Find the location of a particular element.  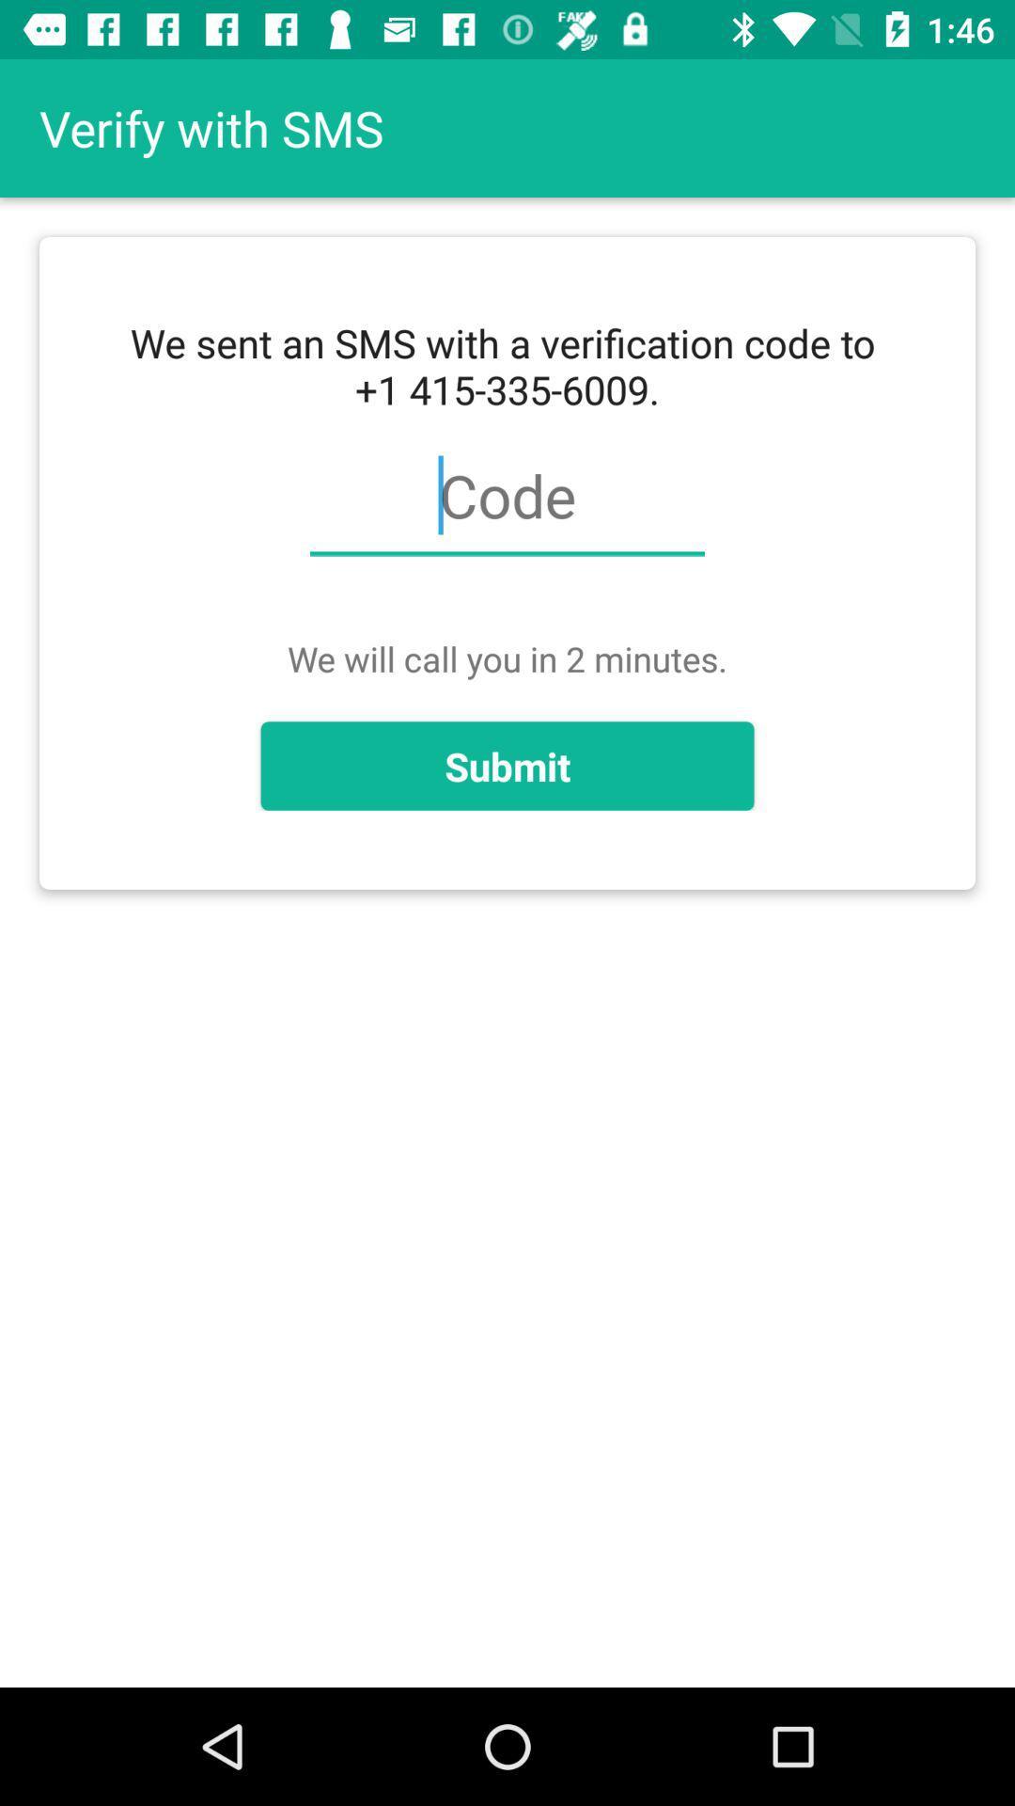

item below we will call is located at coordinates (507, 766).